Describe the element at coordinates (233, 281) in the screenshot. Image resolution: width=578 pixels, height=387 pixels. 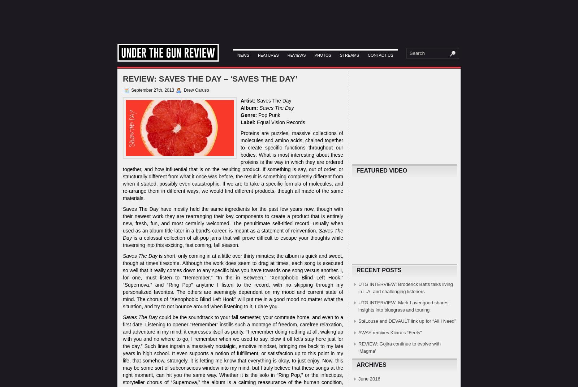
I see `'is short, only coming in at a little over thirty minutes; the album is quick and sweet, though at times tiresome.  Although the work does seem to drag at times, each song is executed so well that it really comes down to any specific bias you have towards one song versus another. I, for one, must listen to “Remember,” “In the in Between,” “Xenophobic Blind Left Hook,” “Supernova,” and “Ring Pop” anytime I listen to the record, with no skipping through my personalized favorites. The others are seemingly dependent on my mood and current state of mind. The chorus of “Xenophobic Blind Left Hook” will put me in a good mood no matter what the situation, and try to not bounce around when listening to it, I dare you.'` at that location.